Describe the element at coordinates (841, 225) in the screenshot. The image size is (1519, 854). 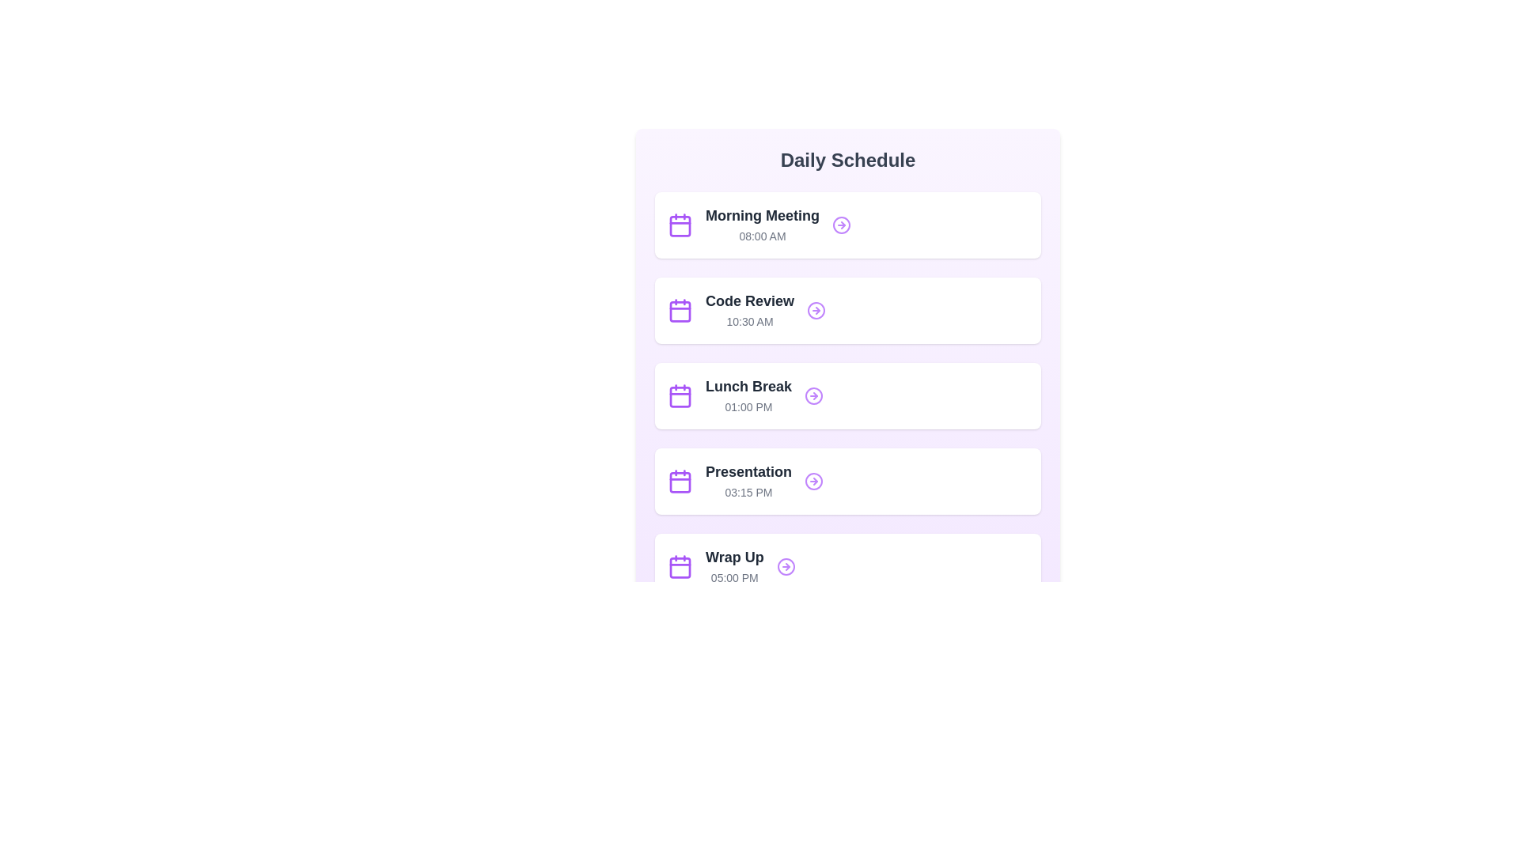
I see `the decorative graphic circle bordered by a purple stroke, located to the right of the 'Morning Meeting' schedule item` at that location.